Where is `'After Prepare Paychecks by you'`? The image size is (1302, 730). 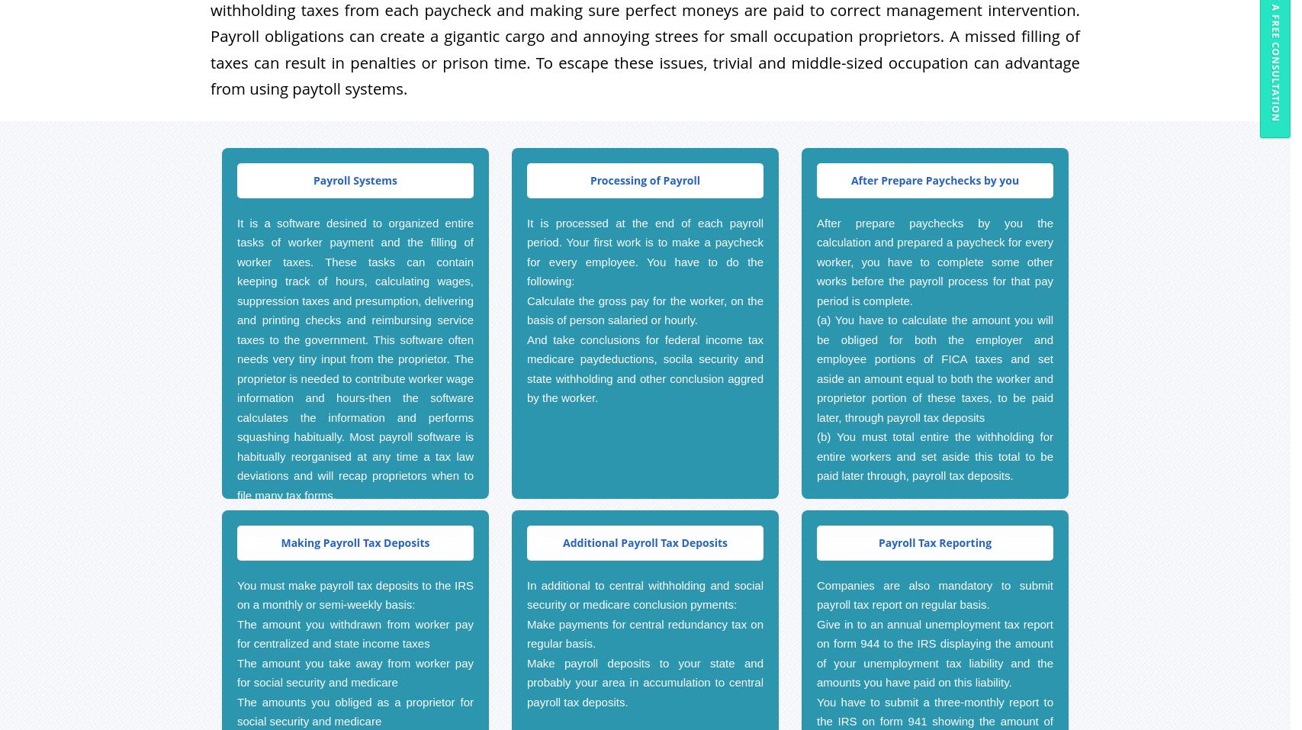 'After Prepare Paychecks by you' is located at coordinates (934, 178).